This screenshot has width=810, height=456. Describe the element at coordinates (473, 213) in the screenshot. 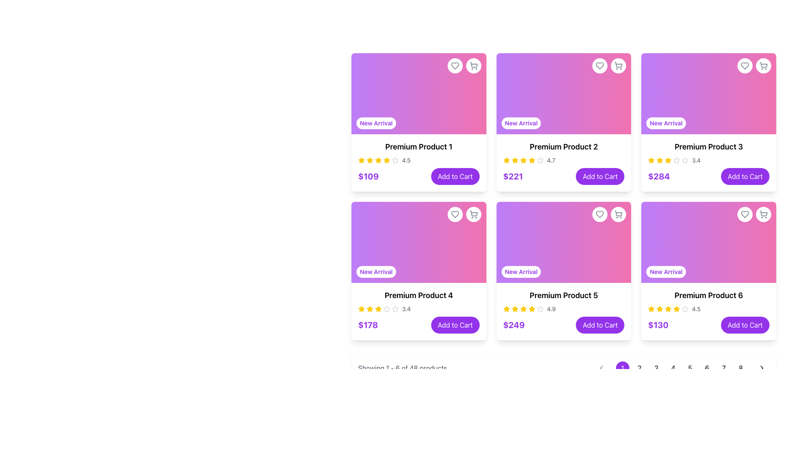

I see `the shopping cart icon, which is a minimalist line drawing located in the top-right corner of the product card, adjacent to a heart icon` at that location.